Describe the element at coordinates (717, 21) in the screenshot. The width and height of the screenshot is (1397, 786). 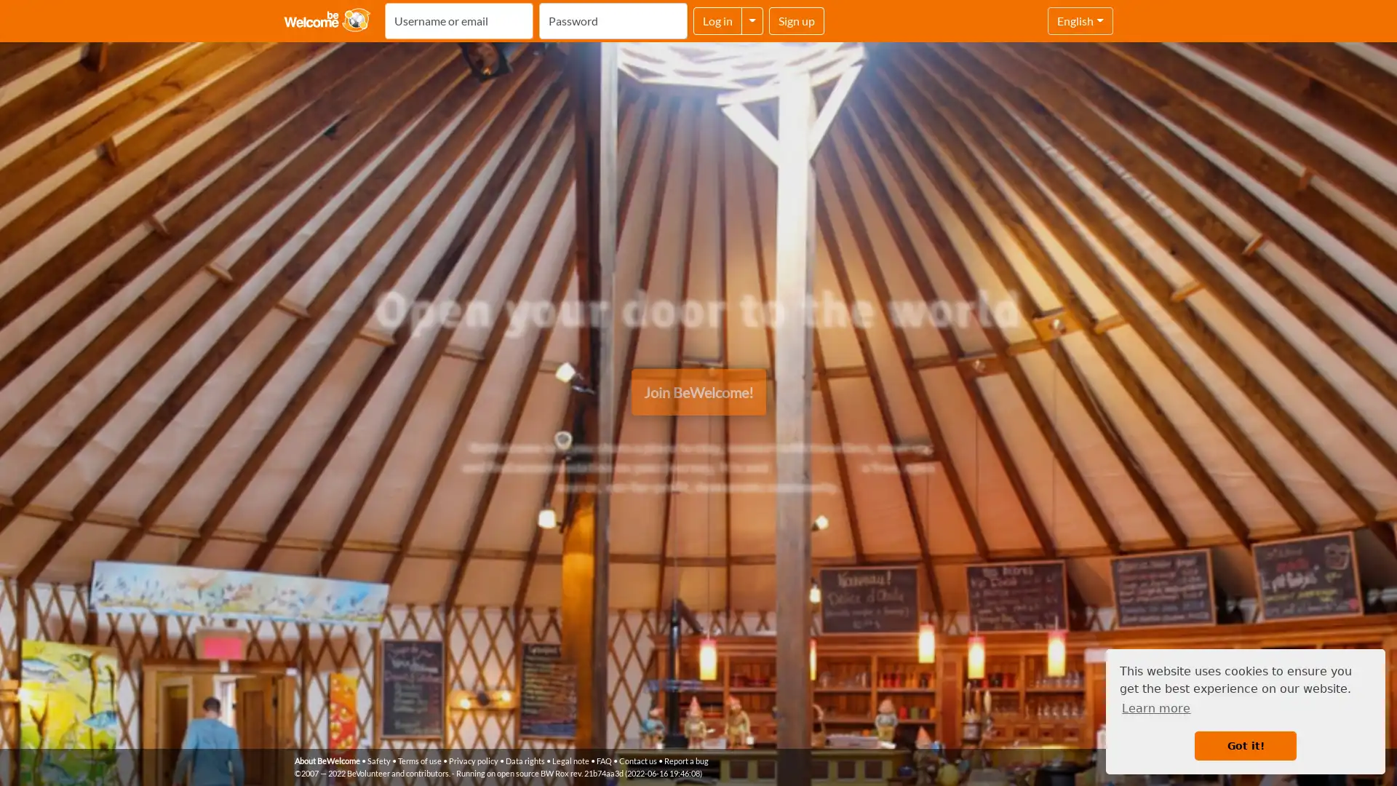
I see `Log in` at that location.